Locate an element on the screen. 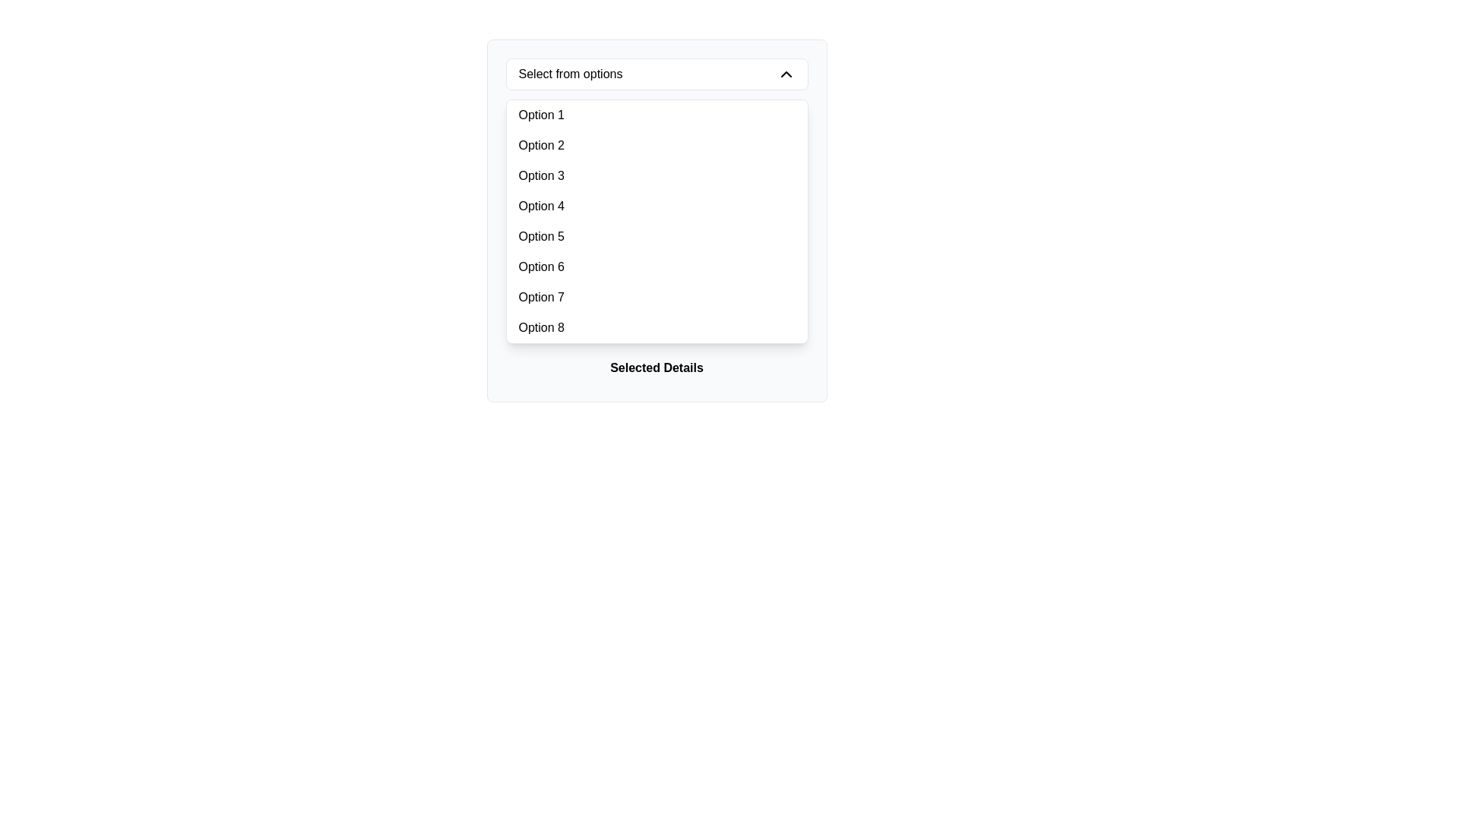 Image resolution: width=1459 pixels, height=820 pixels. the second option in the dropdown menu labeled 'Select from options' is located at coordinates (657, 146).